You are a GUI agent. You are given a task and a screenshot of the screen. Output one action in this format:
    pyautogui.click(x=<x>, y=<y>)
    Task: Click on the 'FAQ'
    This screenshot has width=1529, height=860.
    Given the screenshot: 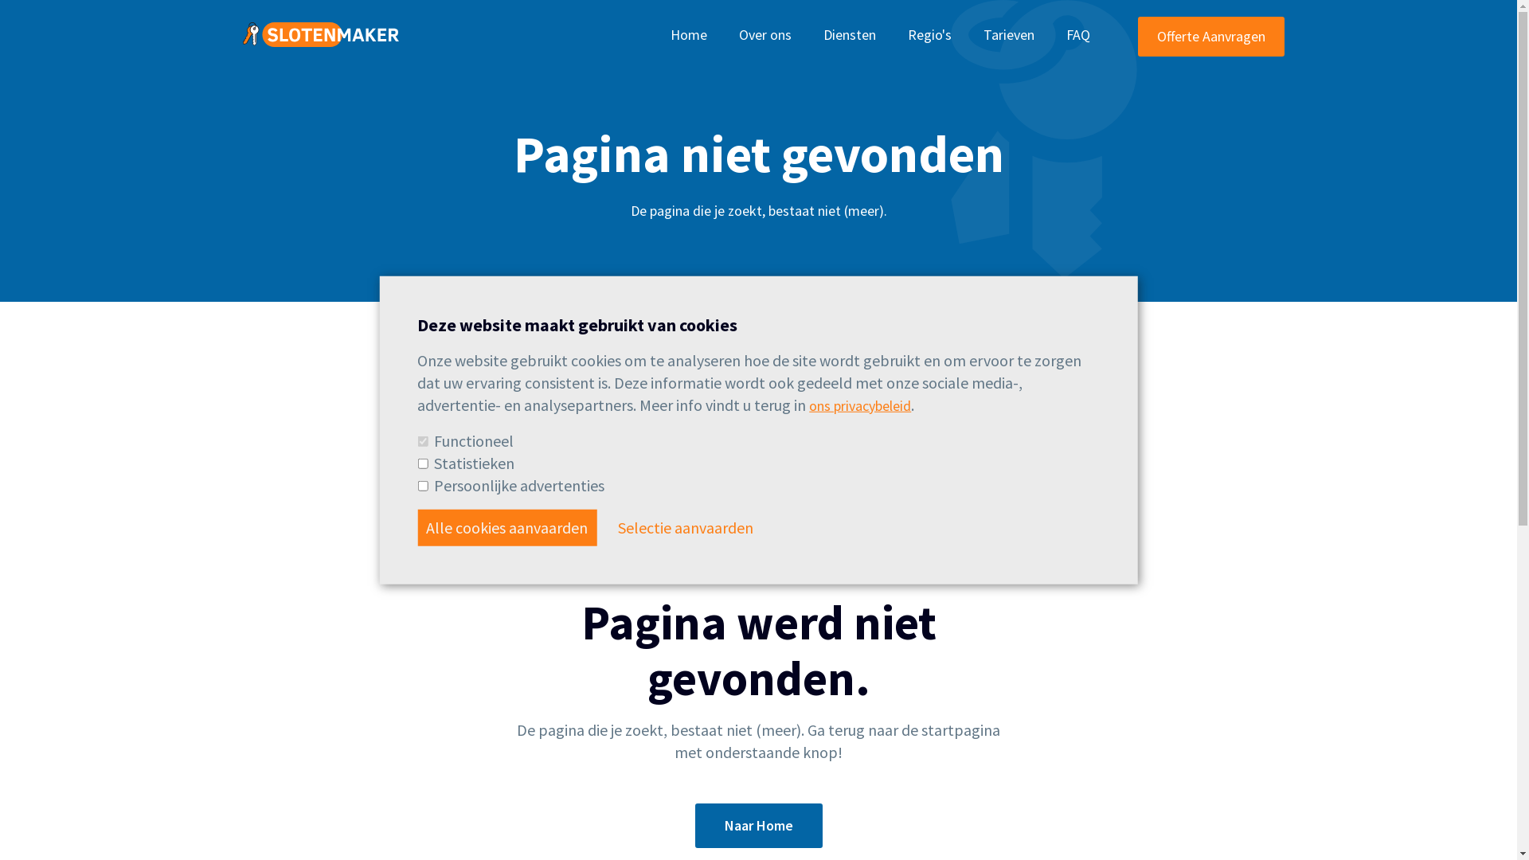 What is the action you would take?
    pyautogui.click(x=1077, y=34)
    